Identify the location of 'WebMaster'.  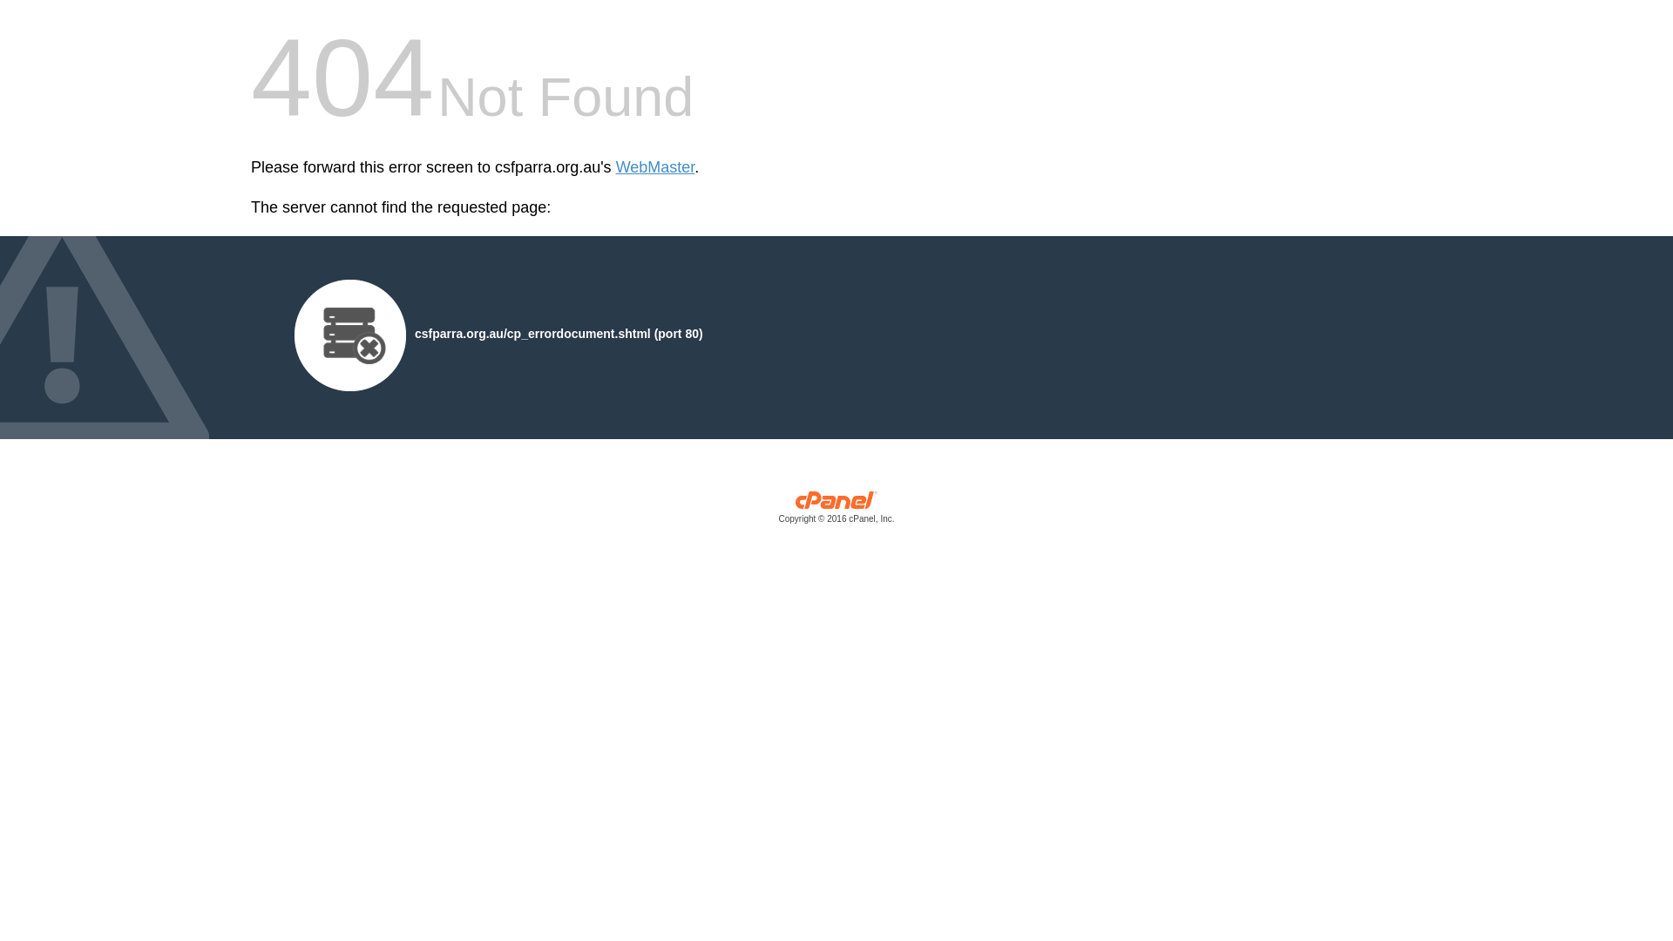
(654, 167).